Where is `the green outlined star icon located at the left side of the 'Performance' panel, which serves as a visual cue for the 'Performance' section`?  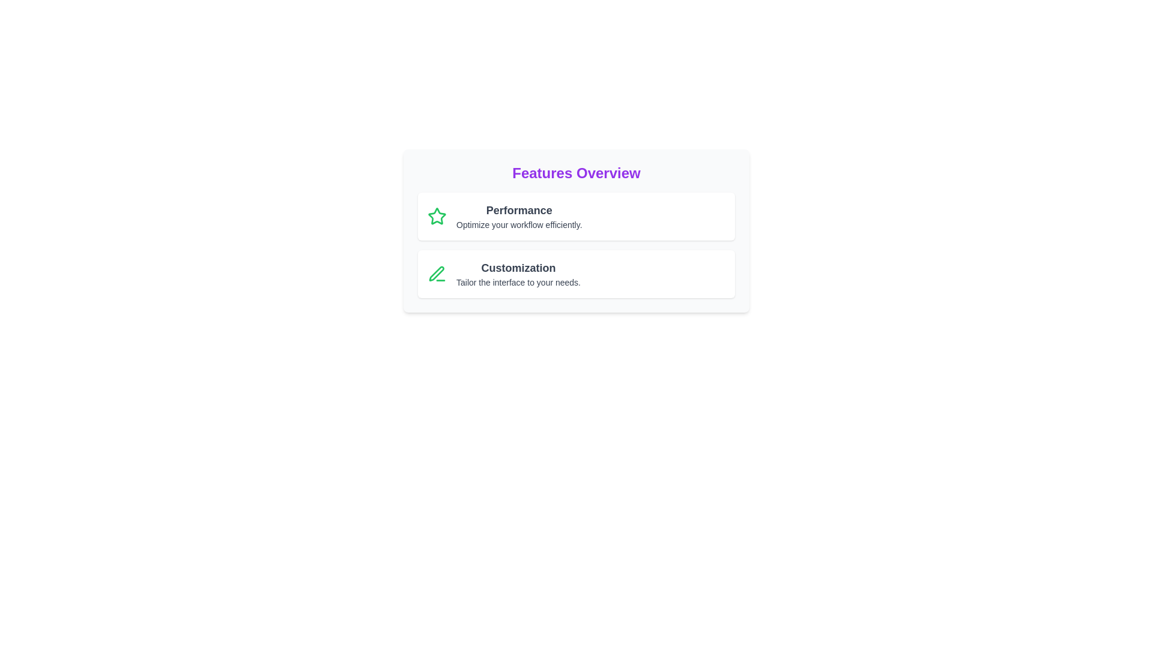
the green outlined star icon located at the left side of the 'Performance' panel, which serves as a visual cue for the 'Performance' section is located at coordinates (437, 217).